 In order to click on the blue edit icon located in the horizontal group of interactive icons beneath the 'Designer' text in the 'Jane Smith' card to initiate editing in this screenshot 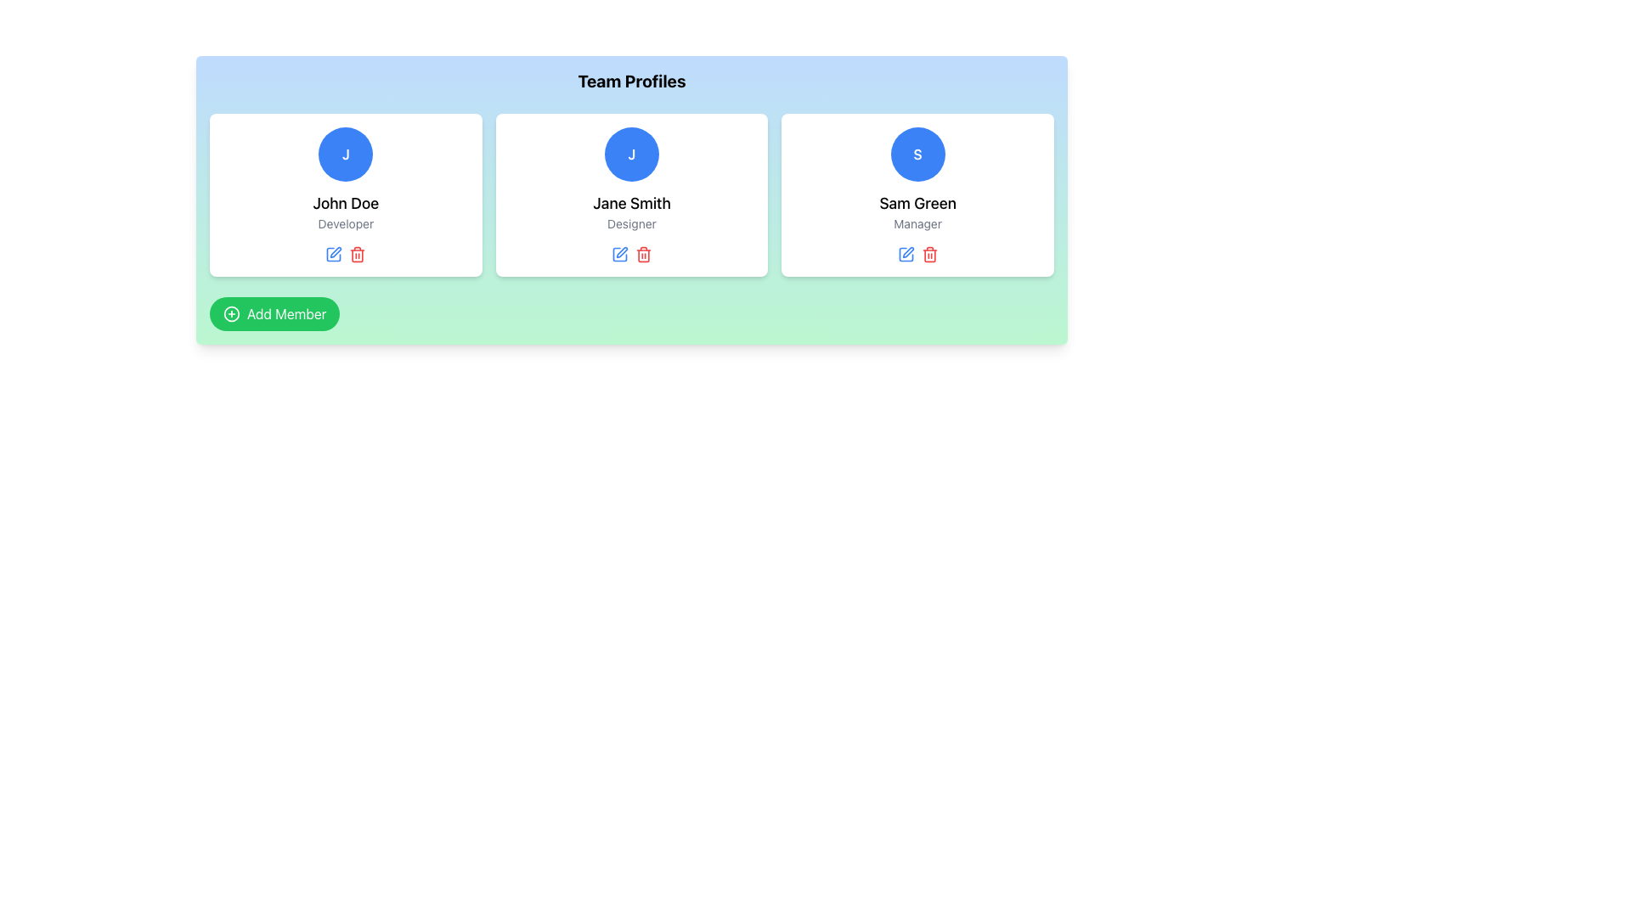, I will do `click(631, 255)`.